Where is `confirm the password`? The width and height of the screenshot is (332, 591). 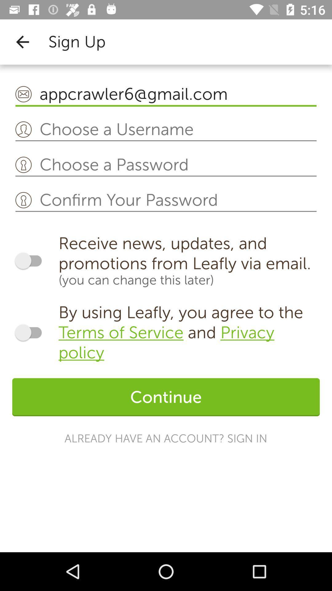
confirm the password is located at coordinates (166, 200).